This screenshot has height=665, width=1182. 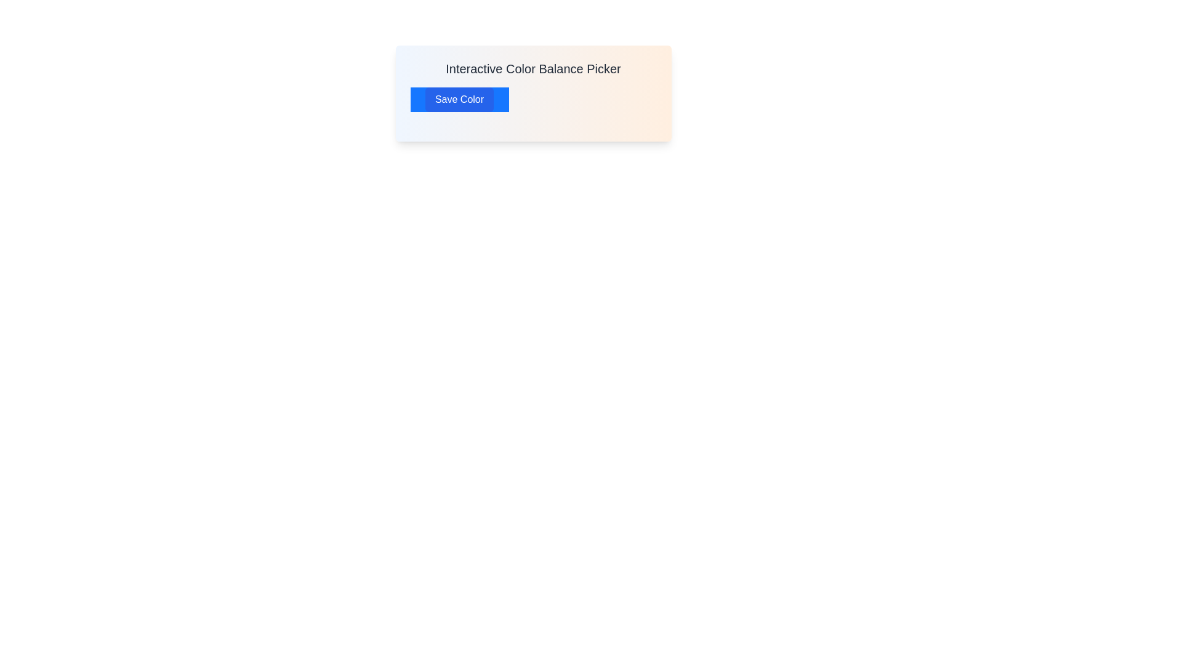 What do you see at coordinates (459, 99) in the screenshot?
I see `the 'Save Color' button with a vibrant blue background and white text` at bounding box center [459, 99].